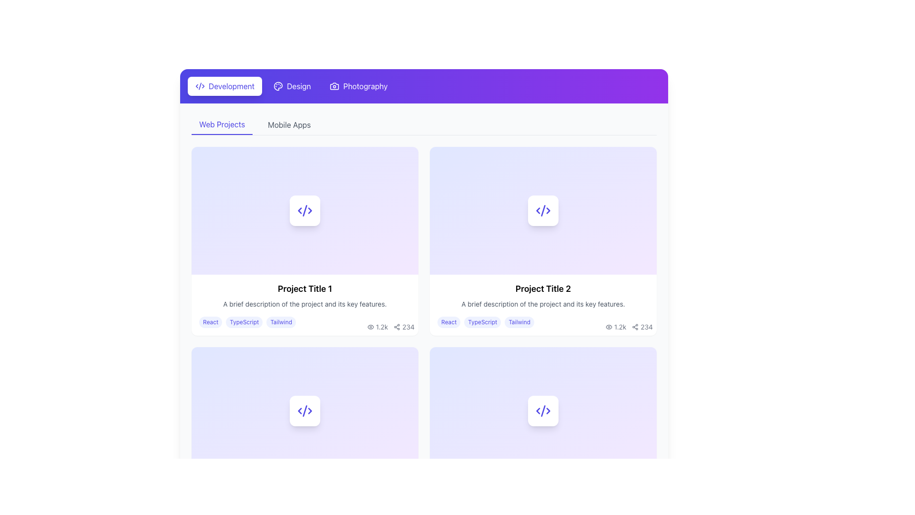 The height and width of the screenshot is (515, 915). Describe the element at coordinates (335, 86) in the screenshot. I see `the small camera icon located in the top-right navigation bar, adjacent to the 'Photography' text` at that location.